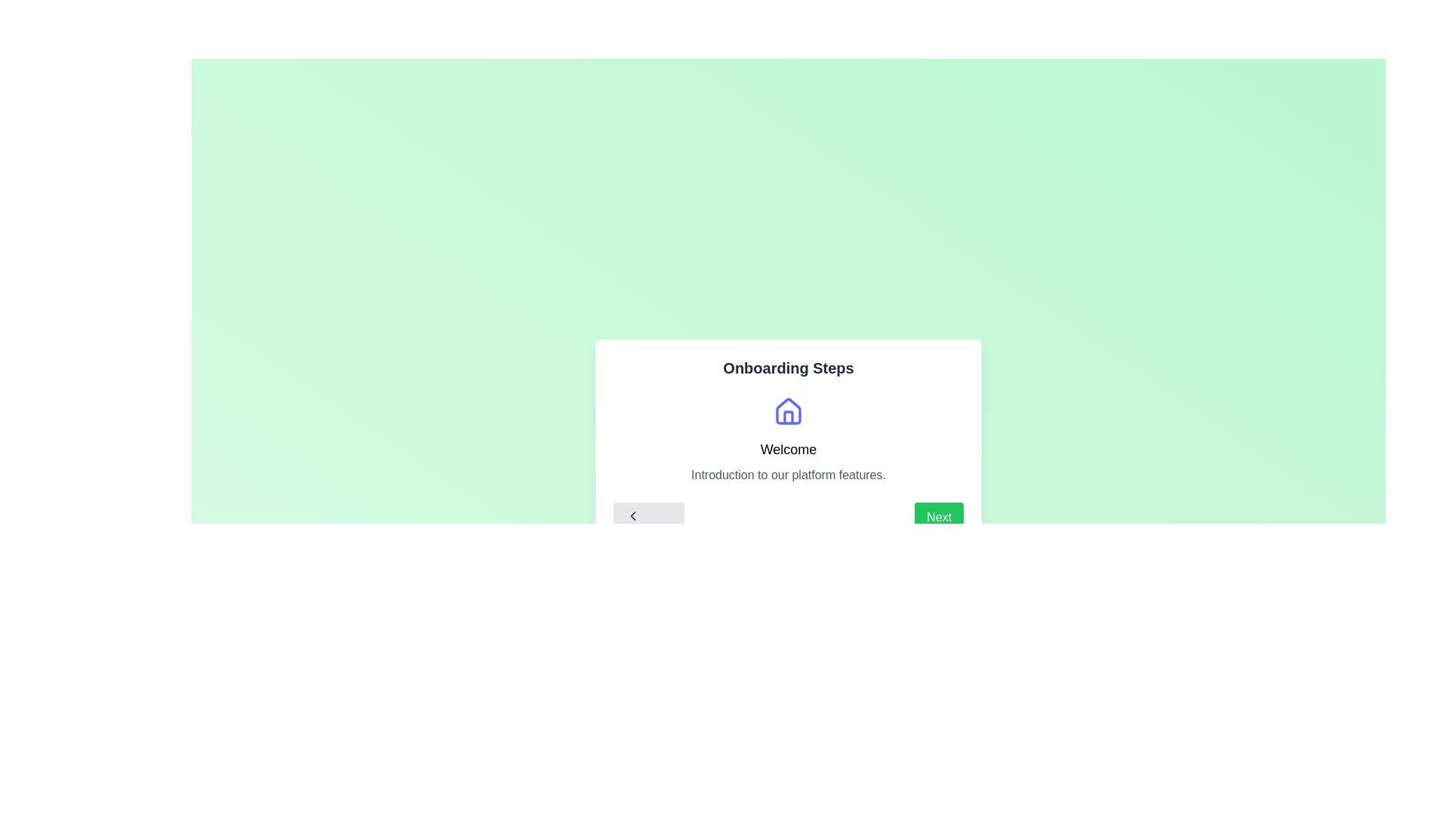 Image resolution: width=1449 pixels, height=815 pixels. Describe the element at coordinates (633, 515) in the screenshot. I see `the left-facing chevron arrow icon within the 'Previous' button` at that location.